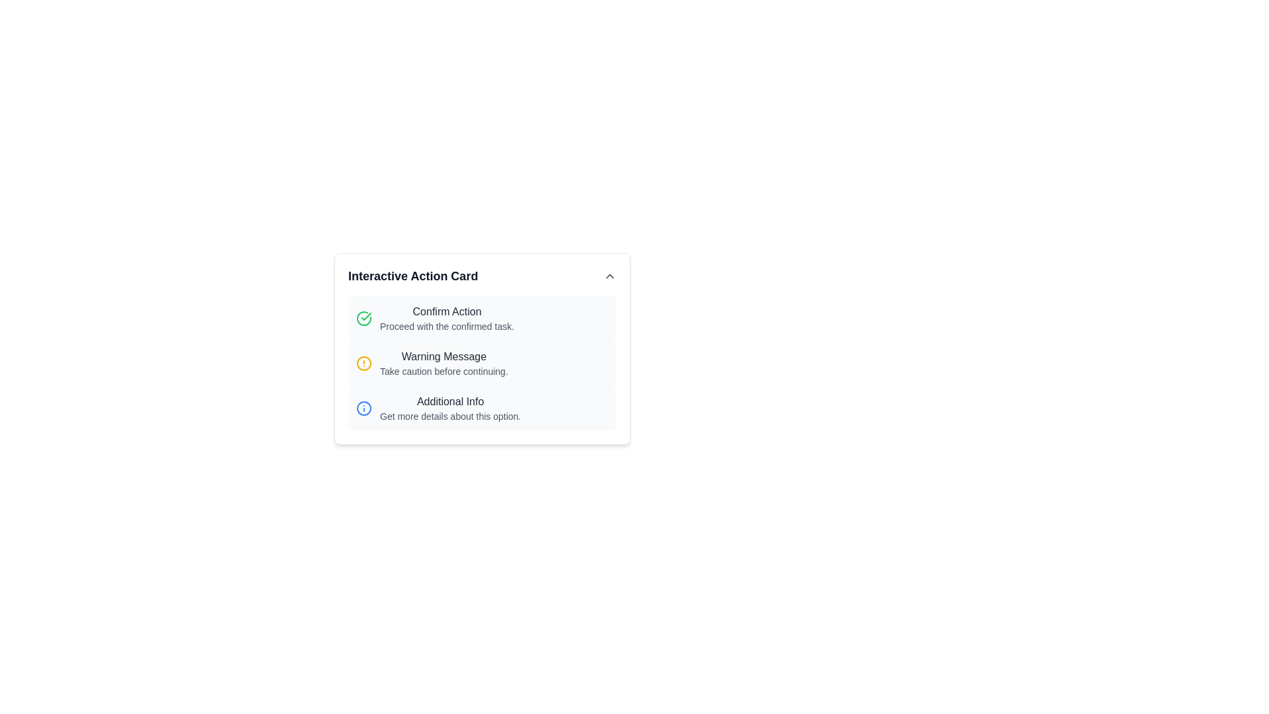  What do you see at coordinates (481, 348) in the screenshot?
I see `the warning message located in the second action section of the Card-based Action Interface, which is positioned between the 'Confirm Action' and 'Additional Info' actions` at bounding box center [481, 348].